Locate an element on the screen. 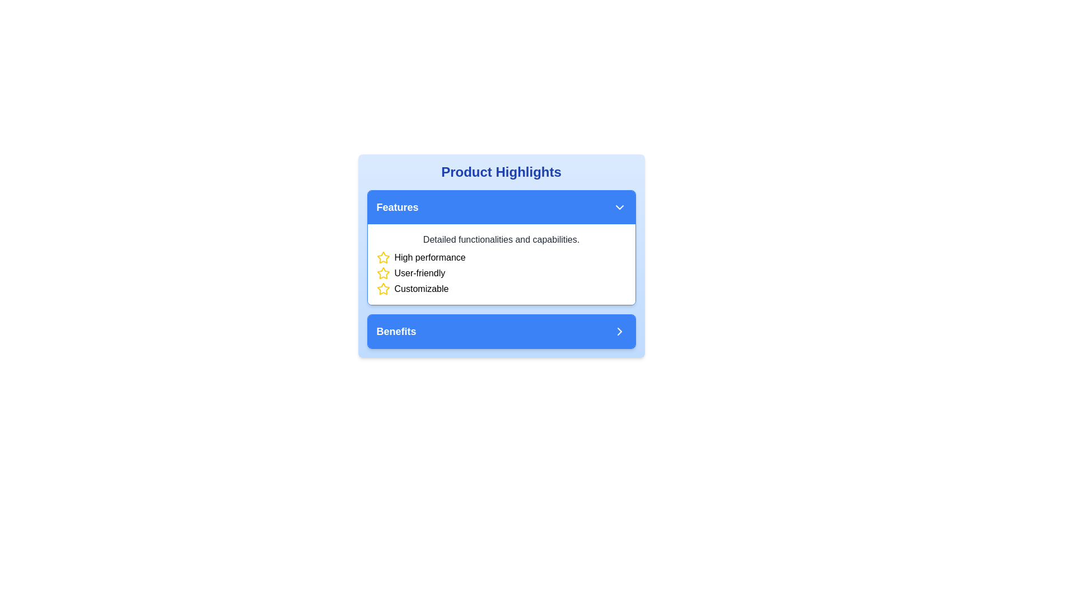 Image resolution: width=1075 pixels, height=604 pixels. the decorative icon that precedes the 'Customizable' text in the 'Features' section is located at coordinates (383, 288).